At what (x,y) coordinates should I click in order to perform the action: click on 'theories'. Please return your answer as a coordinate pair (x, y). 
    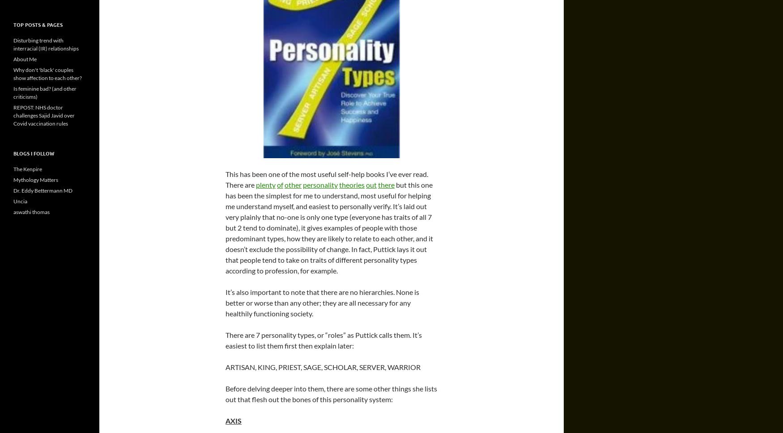
    Looking at the image, I should click on (351, 184).